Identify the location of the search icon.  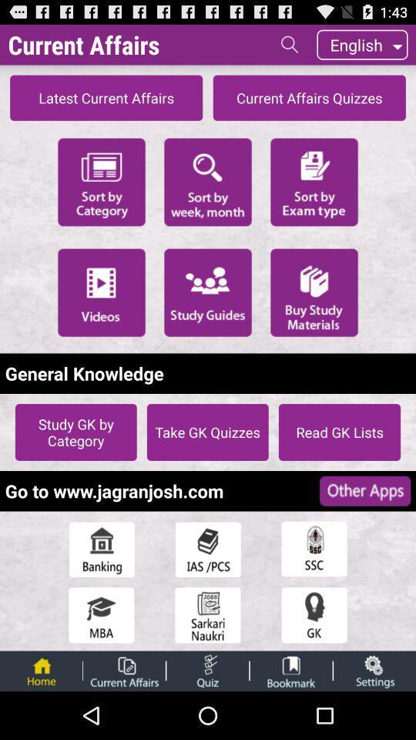
(290, 47).